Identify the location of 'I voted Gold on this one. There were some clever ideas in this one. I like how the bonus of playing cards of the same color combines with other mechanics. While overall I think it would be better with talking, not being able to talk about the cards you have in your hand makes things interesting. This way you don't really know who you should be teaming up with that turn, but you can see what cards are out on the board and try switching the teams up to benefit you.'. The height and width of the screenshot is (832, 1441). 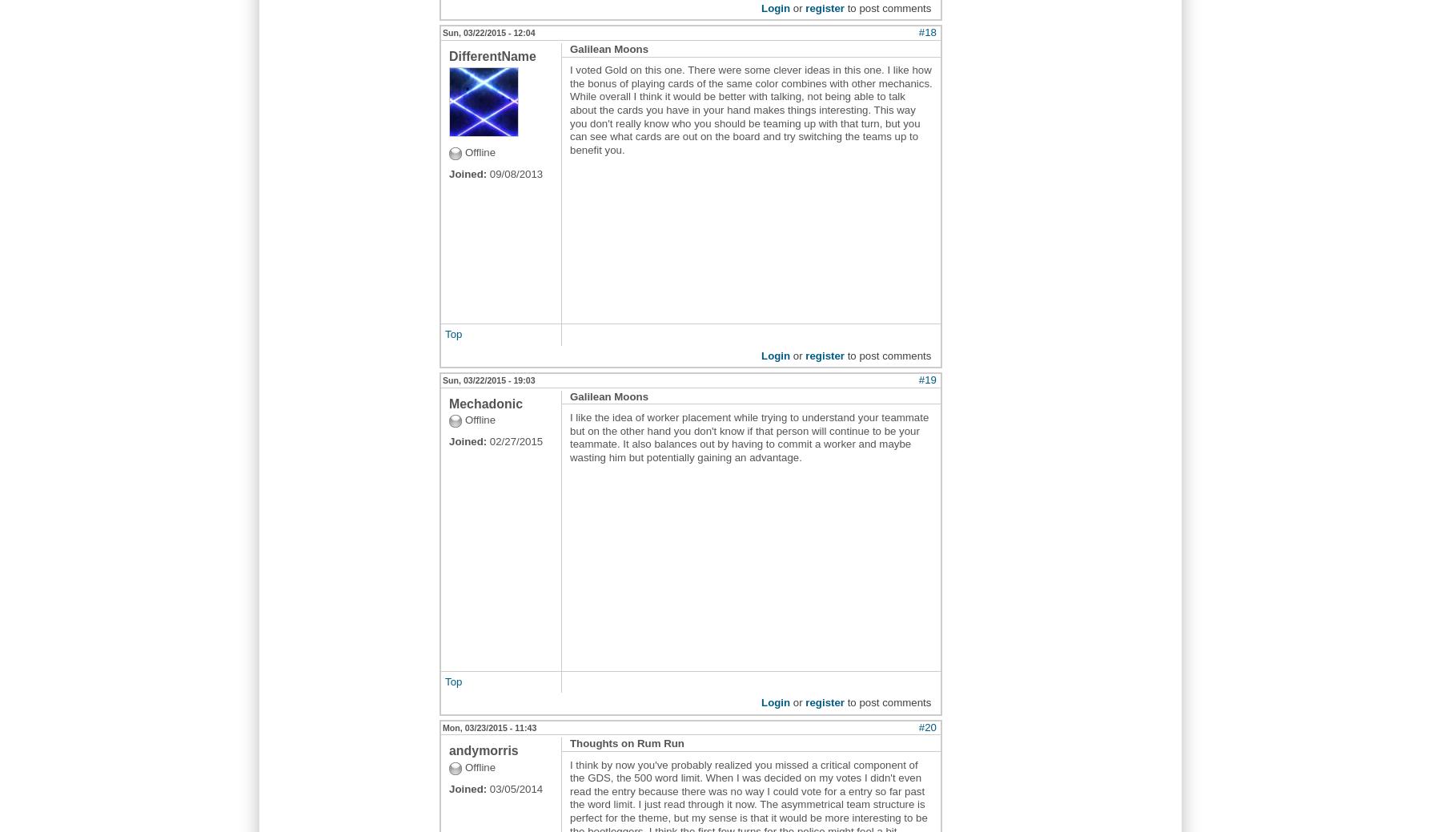
(749, 109).